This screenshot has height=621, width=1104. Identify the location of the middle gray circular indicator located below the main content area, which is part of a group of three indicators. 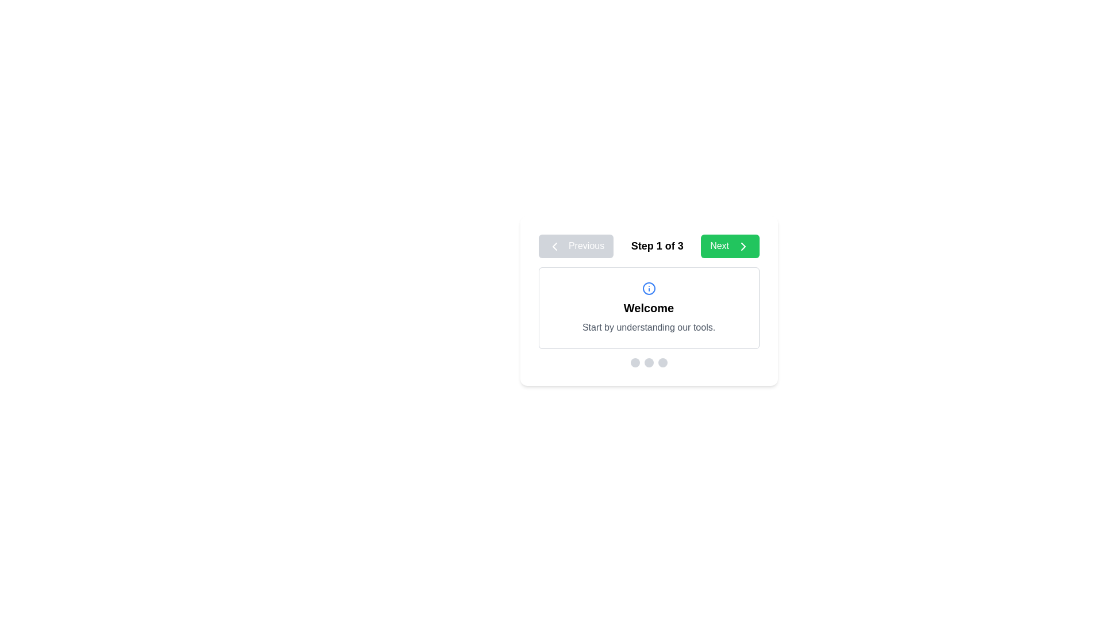
(649, 362).